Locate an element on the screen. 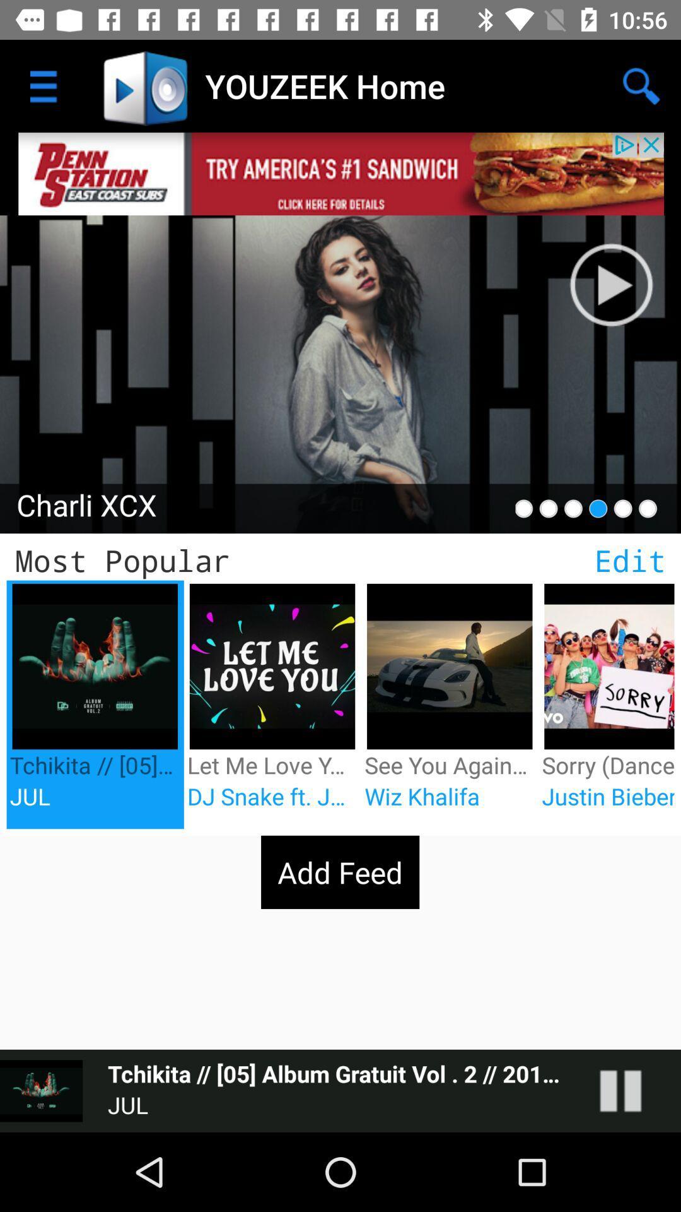  the play icon is located at coordinates (610, 284).